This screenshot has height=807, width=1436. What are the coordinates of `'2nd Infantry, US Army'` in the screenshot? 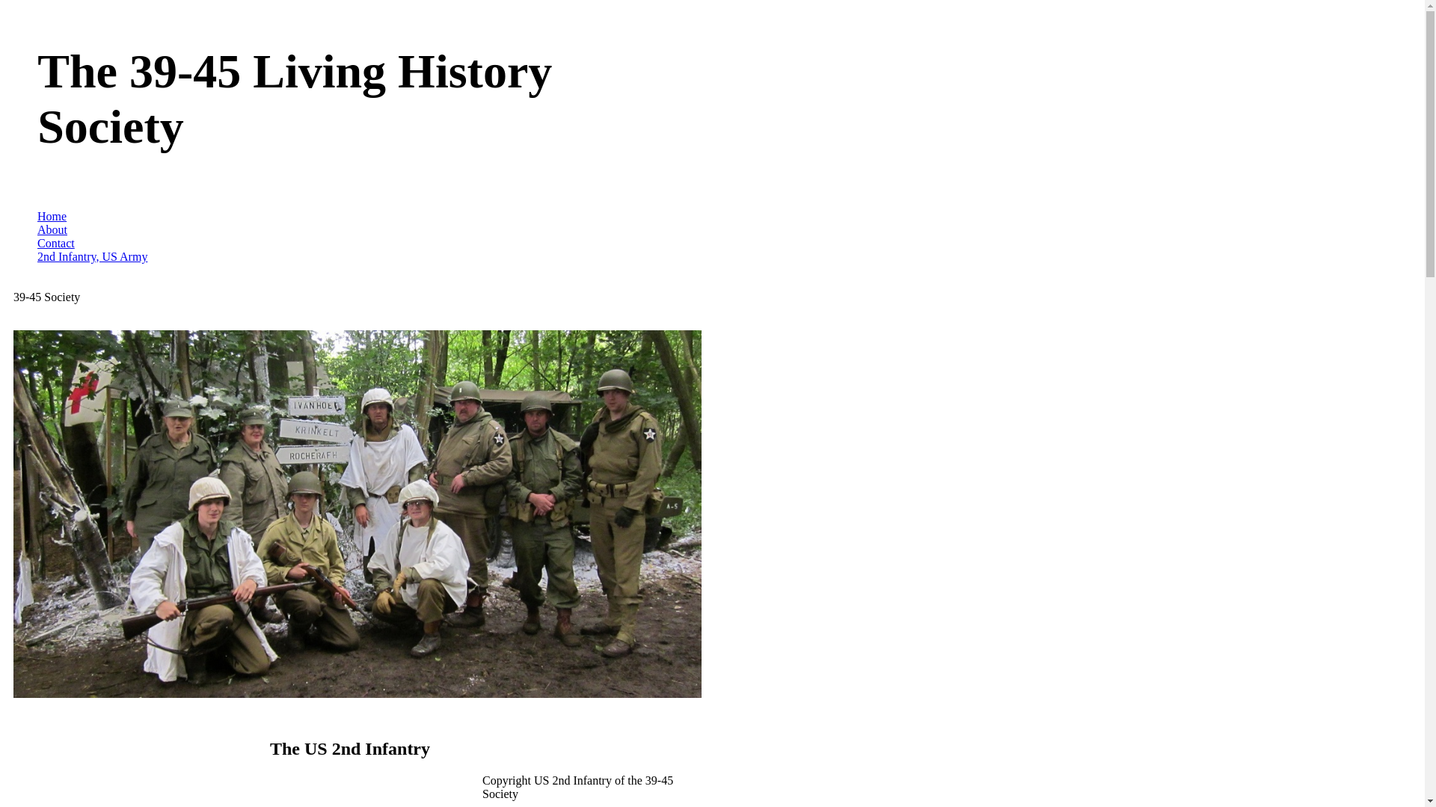 It's located at (37, 256).